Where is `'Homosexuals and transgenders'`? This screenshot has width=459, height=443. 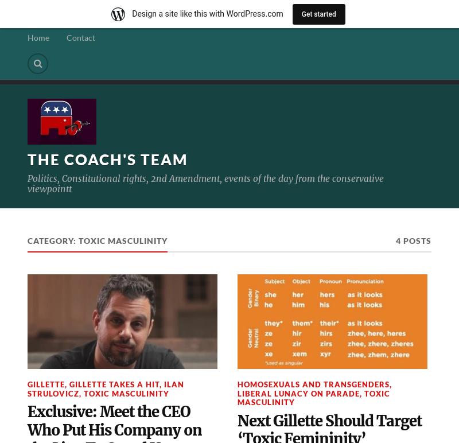 'Homosexuals and transgenders' is located at coordinates (237, 384).